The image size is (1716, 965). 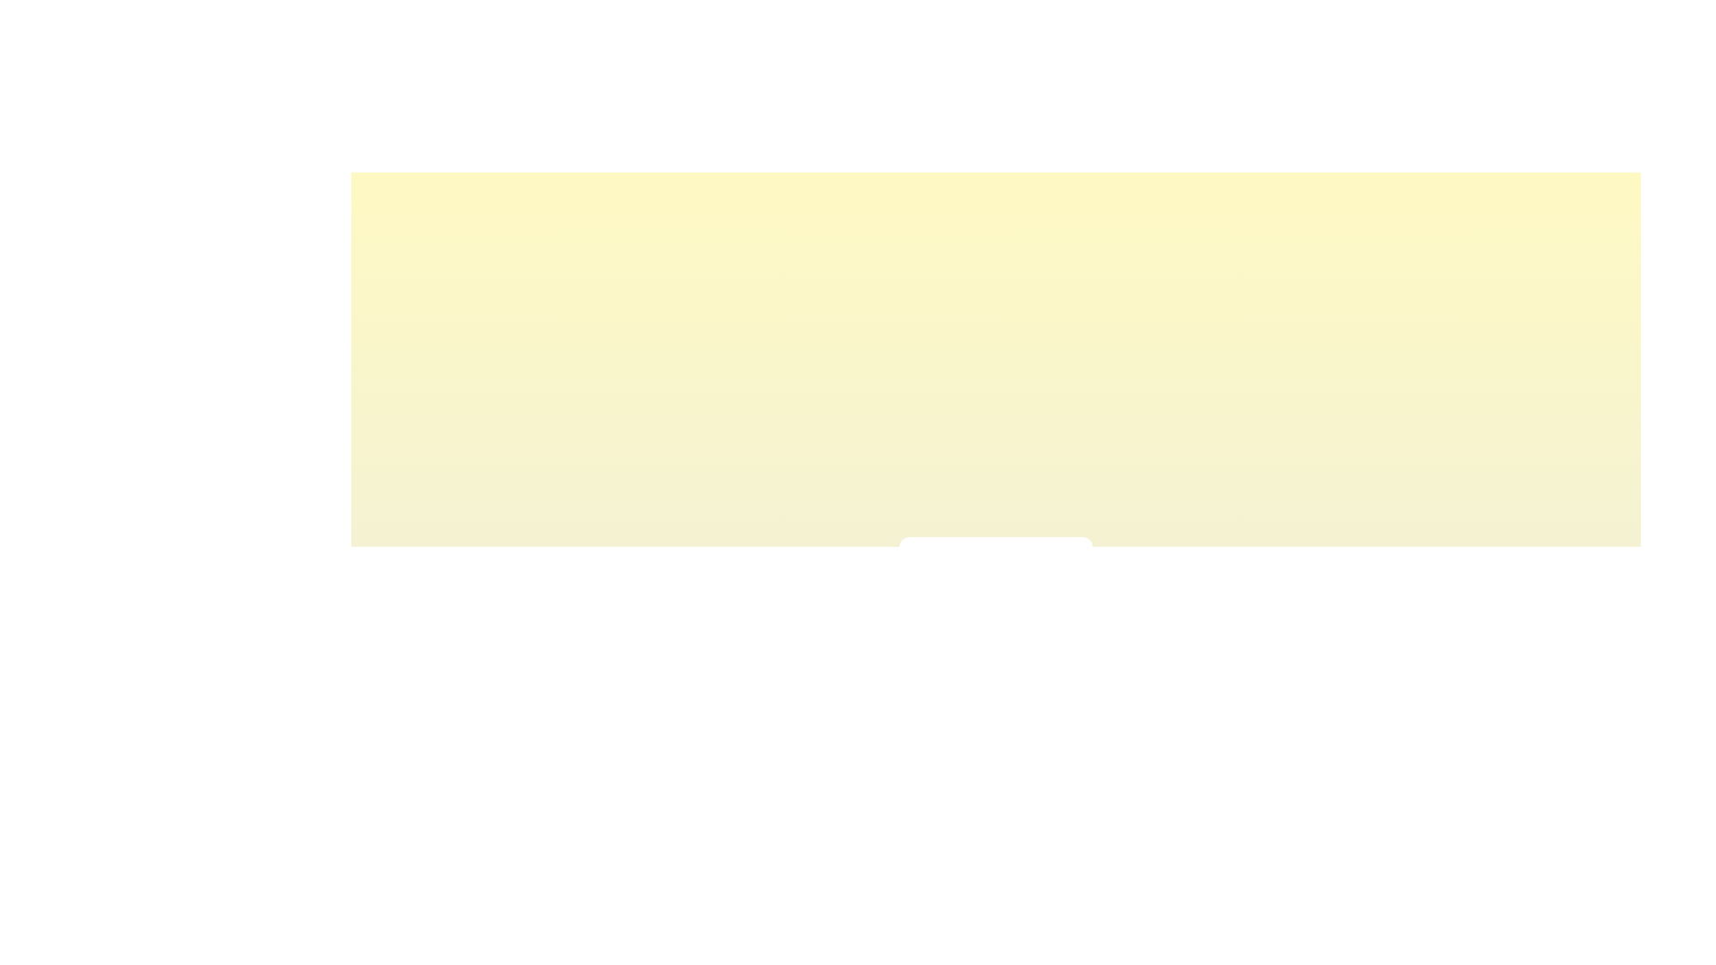 I want to click on the light intensity slider to 44% to observe the corresponding visual feedback color, so click(x=986, y=604).